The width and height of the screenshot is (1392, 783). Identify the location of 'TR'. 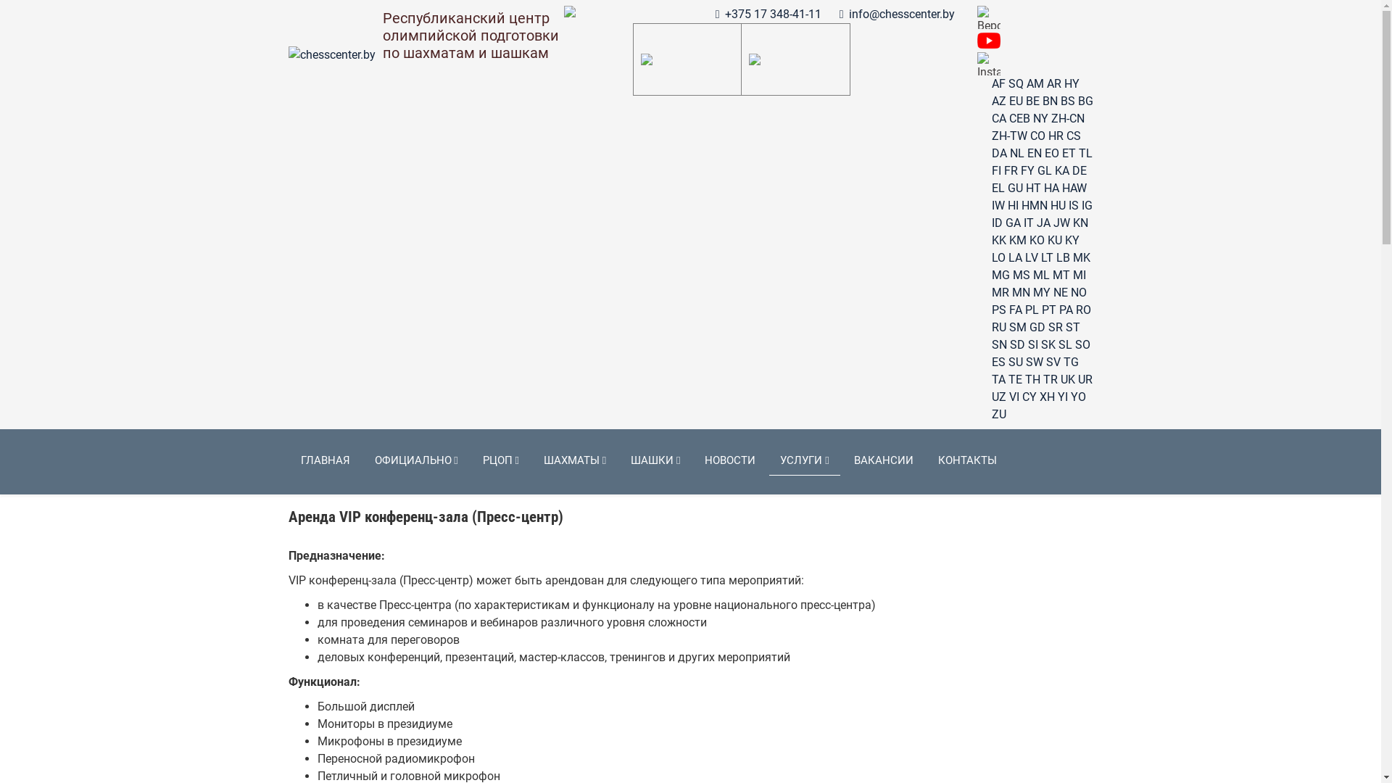
(1050, 378).